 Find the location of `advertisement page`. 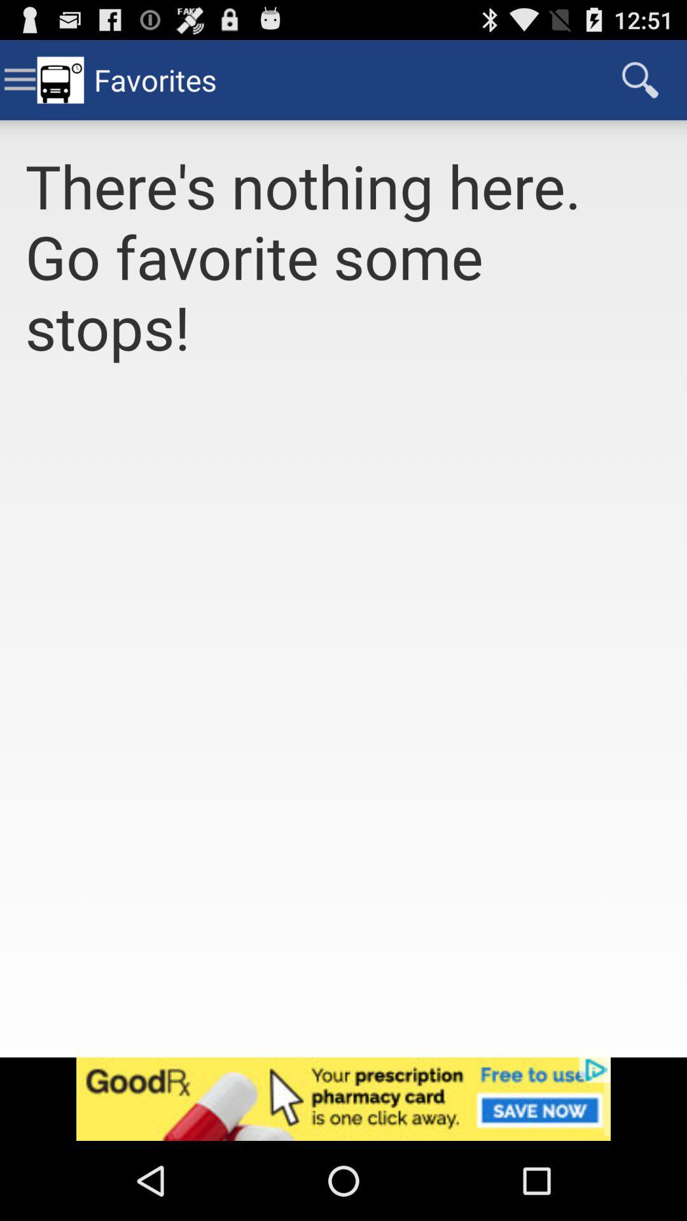

advertisement page is located at coordinates (343, 1098).